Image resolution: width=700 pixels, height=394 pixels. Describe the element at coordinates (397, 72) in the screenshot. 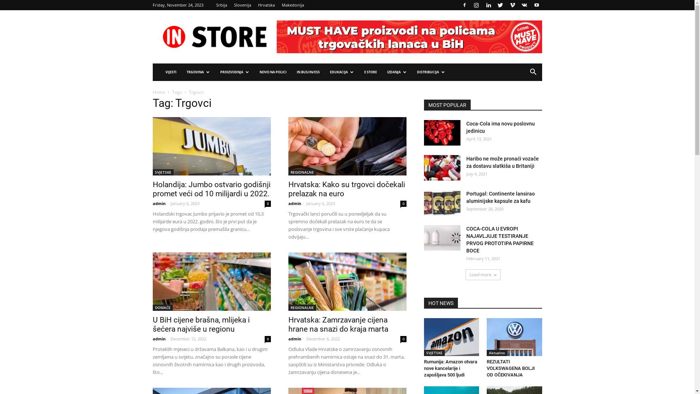

I see `'IZDANJA'` at that location.